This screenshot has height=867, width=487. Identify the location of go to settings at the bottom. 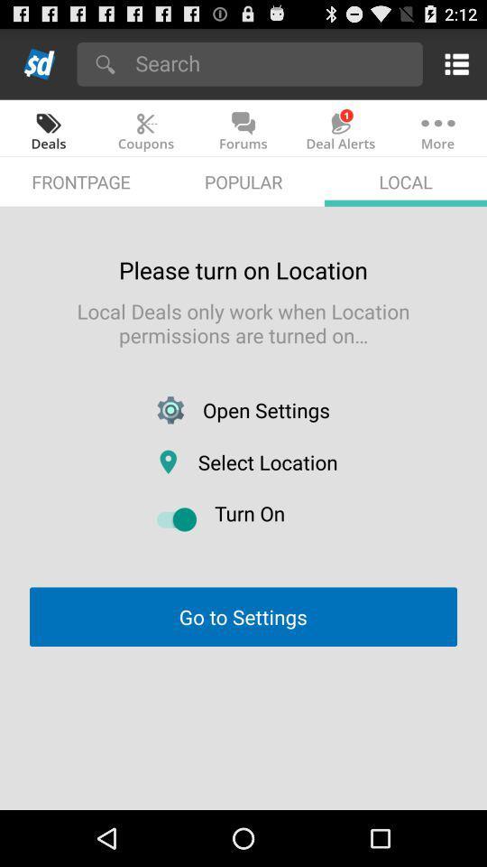
(243, 617).